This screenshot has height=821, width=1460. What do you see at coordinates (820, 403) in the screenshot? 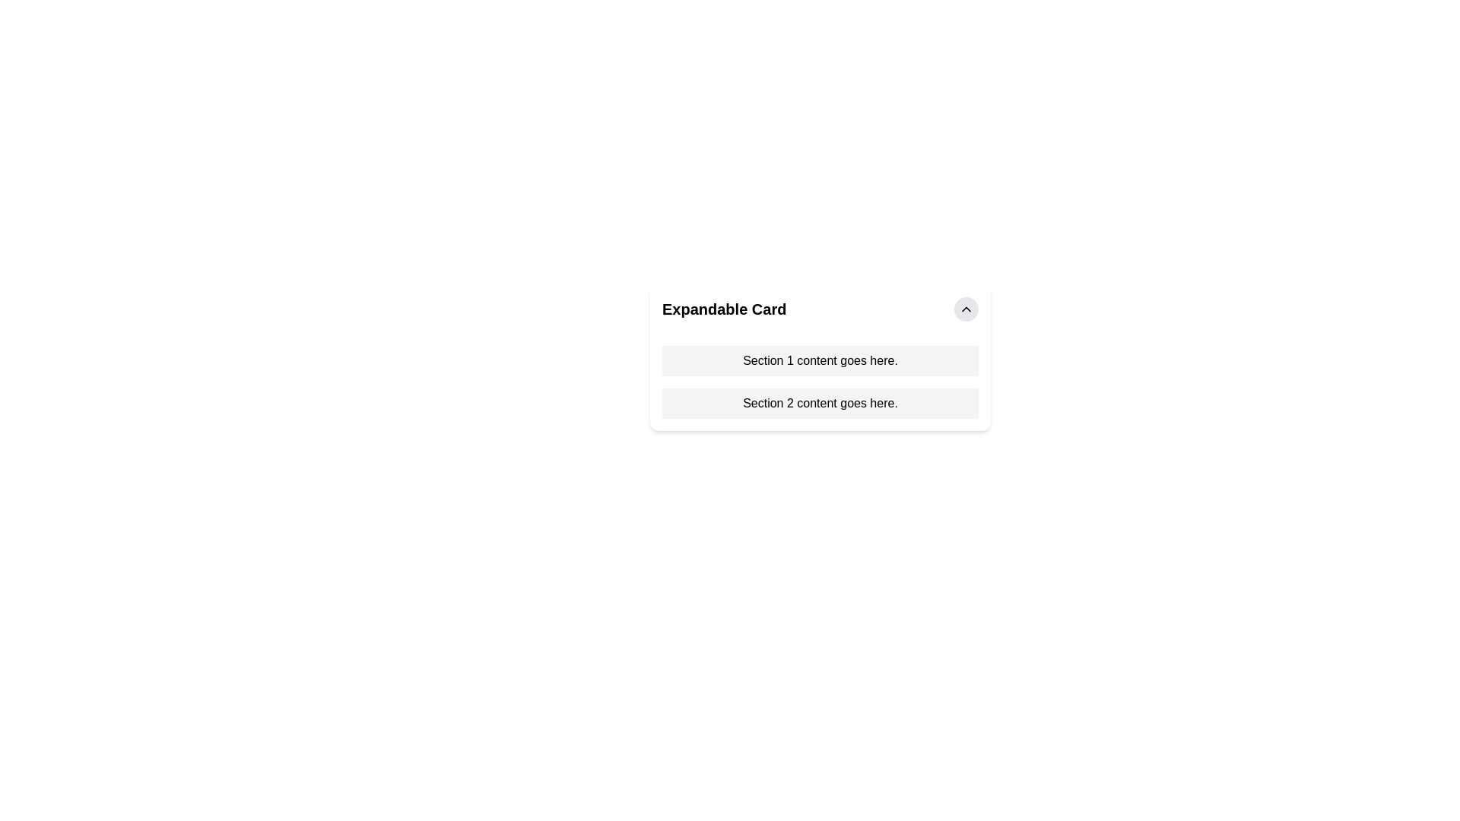
I see `the Label Text located at the bottom of the 'Expandable Card', below the 'Section 1 content goes here.'` at bounding box center [820, 403].